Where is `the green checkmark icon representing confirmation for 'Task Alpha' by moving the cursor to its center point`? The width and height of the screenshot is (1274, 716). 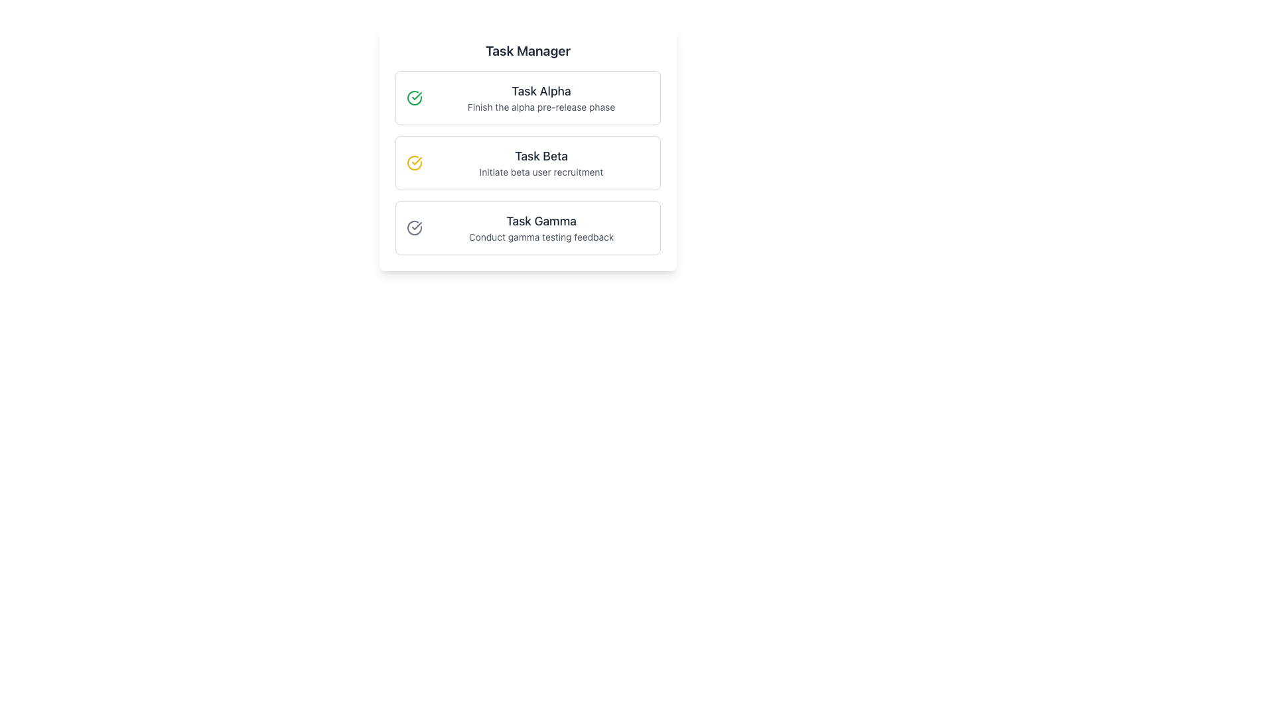
the green checkmark icon representing confirmation for 'Task Alpha' by moving the cursor to its center point is located at coordinates (413, 97).